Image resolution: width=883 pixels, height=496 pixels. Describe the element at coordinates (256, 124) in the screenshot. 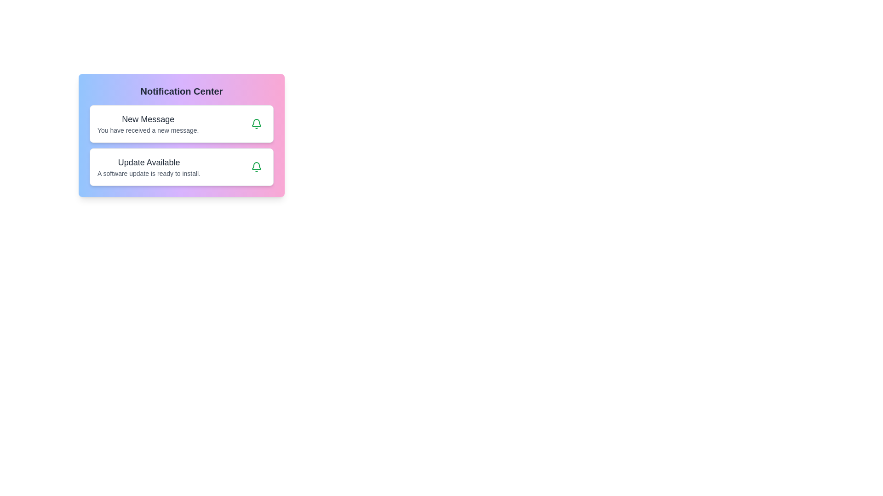

I see `the circular icon button containing a green bell icon` at that location.